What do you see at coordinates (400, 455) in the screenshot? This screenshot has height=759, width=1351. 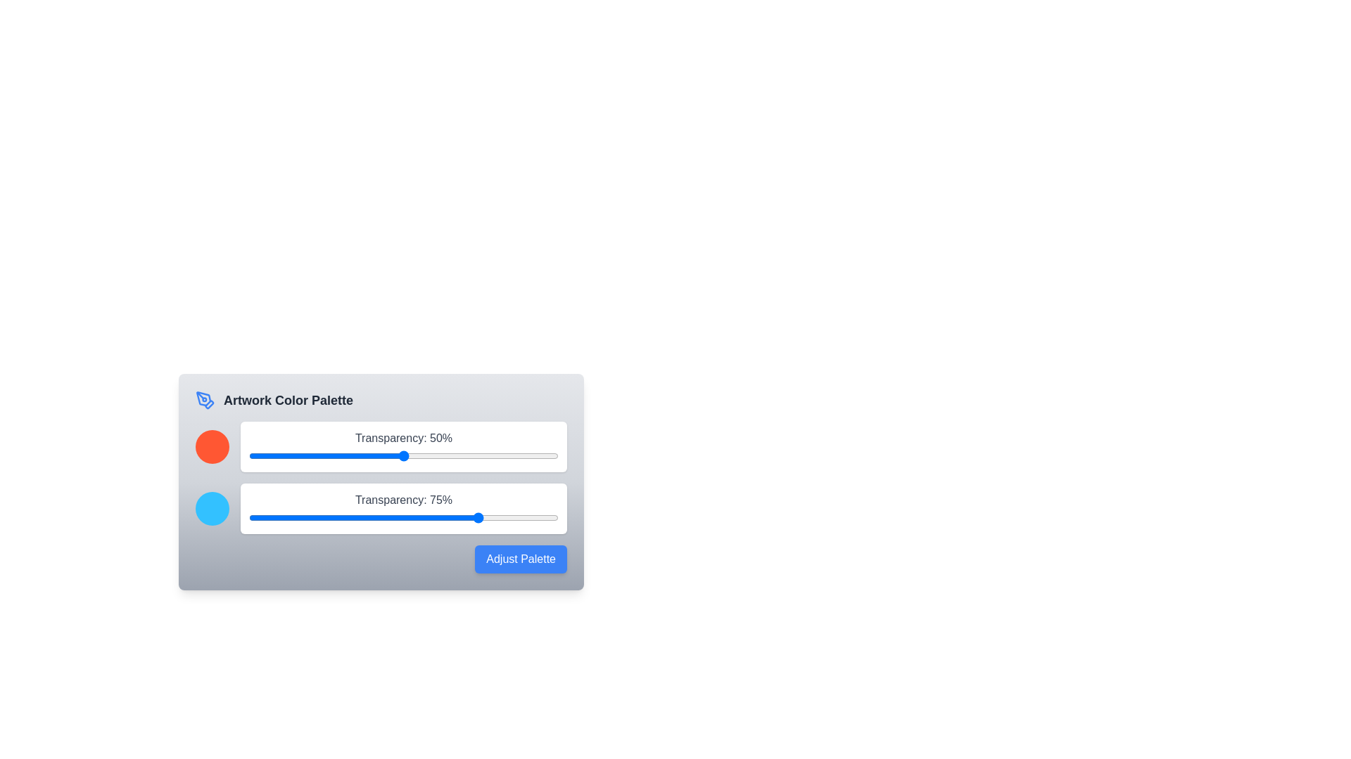 I see `the transparency slider for color 1 to 49%` at bounding box center [400, 455].